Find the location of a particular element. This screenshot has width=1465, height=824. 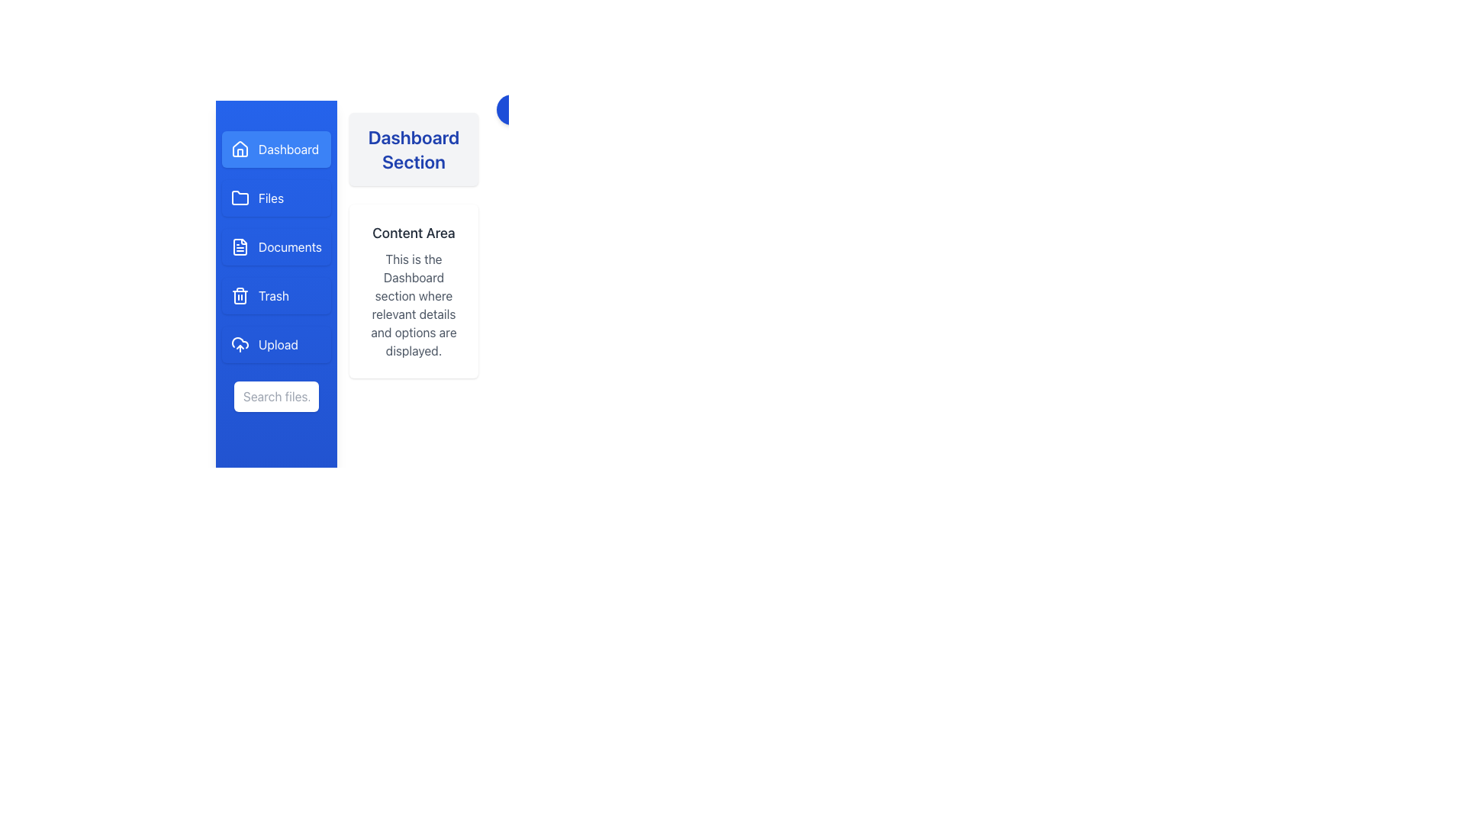

the 'Upload' icon located in the vertical navigation bar, which is the fourth button from the top, positioned between the 'Trash' button and the 'Search files' button is located at coordinates (240, 344).